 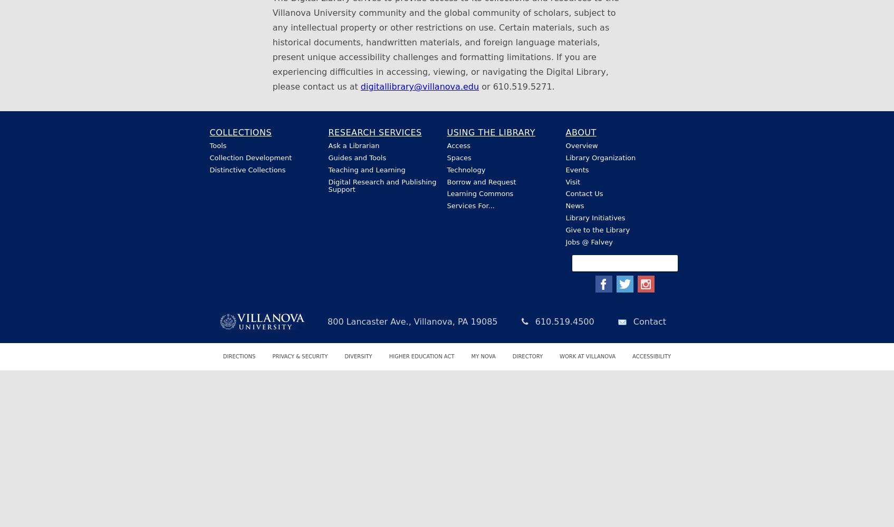 I want to click on 'Privacy & Security', so click(x=300, y=356).